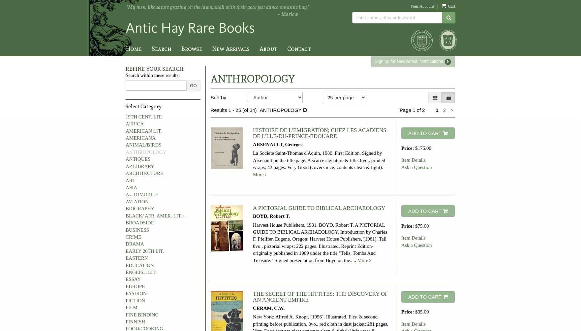 This screenshot has width=581, height=331. Describe the element at coordinates (143, 145) in the screenshot. I see `'ANIMAL/BIRDS'` at that location.